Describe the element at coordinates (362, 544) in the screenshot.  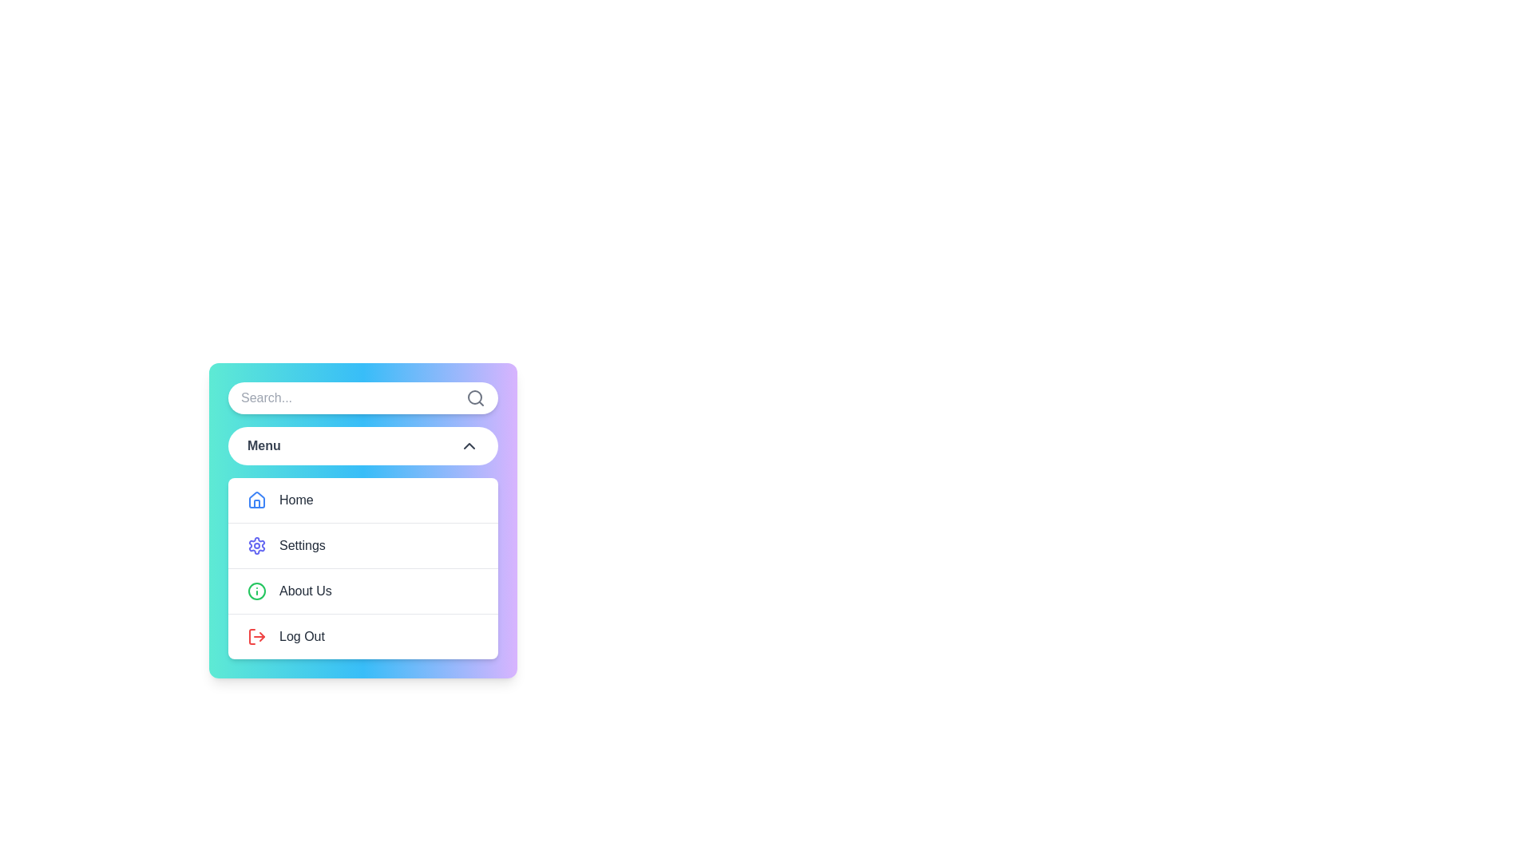
I see `the 'Settings' menu option` at that location.